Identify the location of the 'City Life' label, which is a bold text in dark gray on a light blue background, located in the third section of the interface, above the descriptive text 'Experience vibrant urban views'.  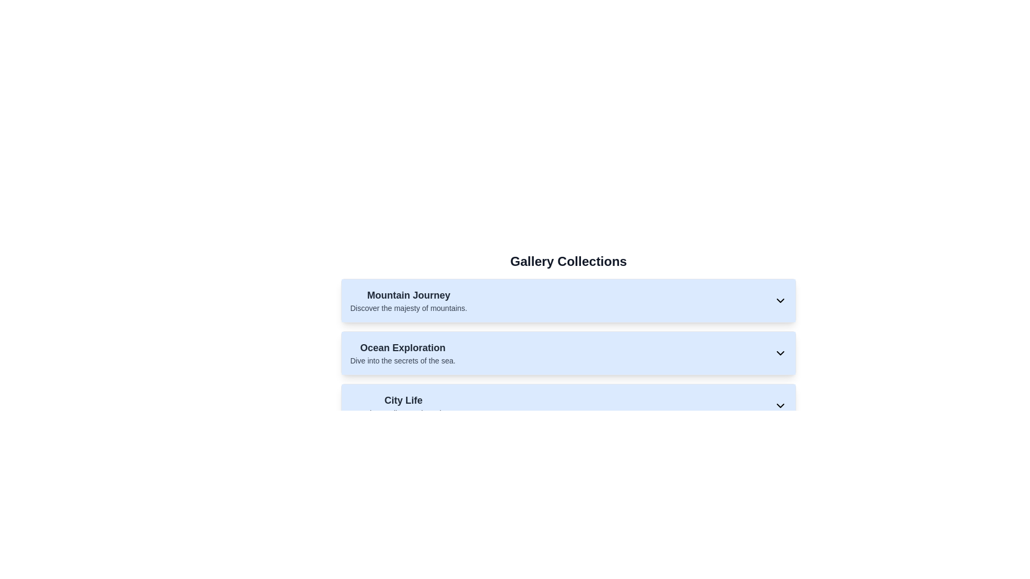
(403, 400).